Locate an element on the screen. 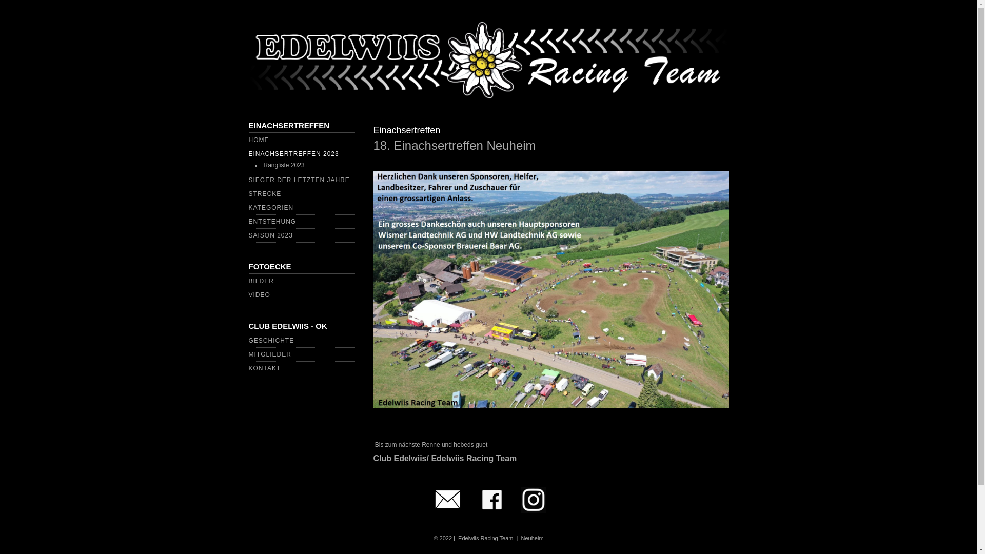 This screenshot has width=985, height=554. 'SIEGER DER LETZTEN JAHRE' is located at coordinates (248, 180).